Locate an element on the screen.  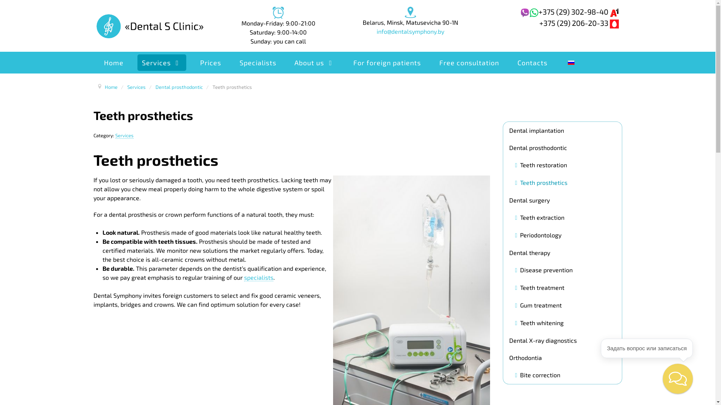
'About us' is located at coordinates (315, 62).